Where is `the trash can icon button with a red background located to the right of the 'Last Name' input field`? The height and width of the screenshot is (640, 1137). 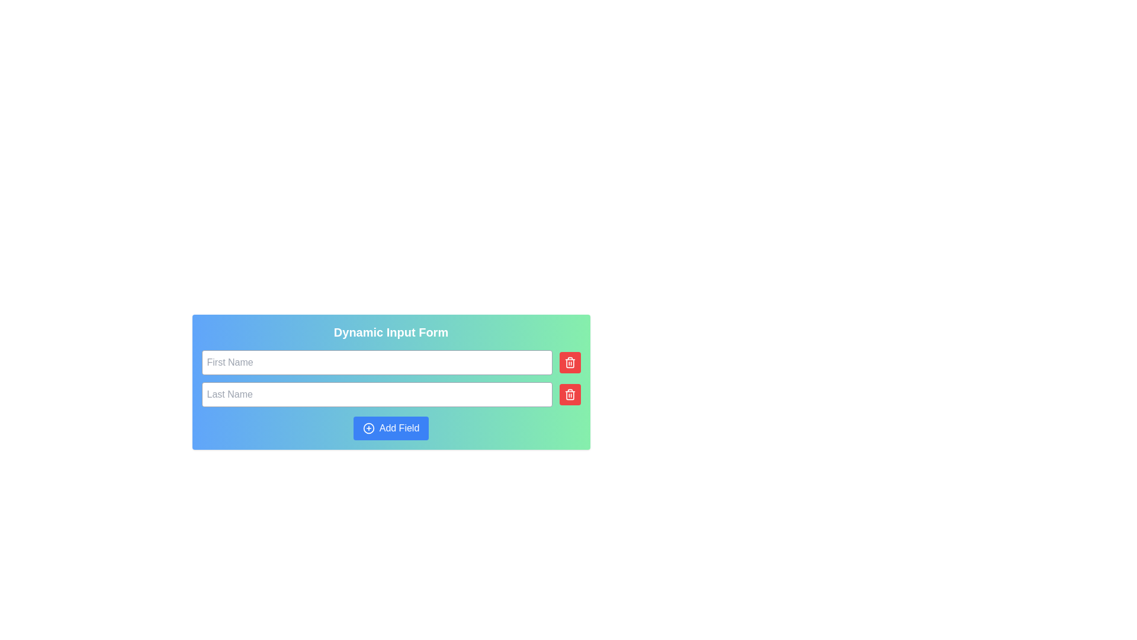 the trash can icon button with a red background located to the right of the 'Last Name' input field is located at coordinates (570, 395).